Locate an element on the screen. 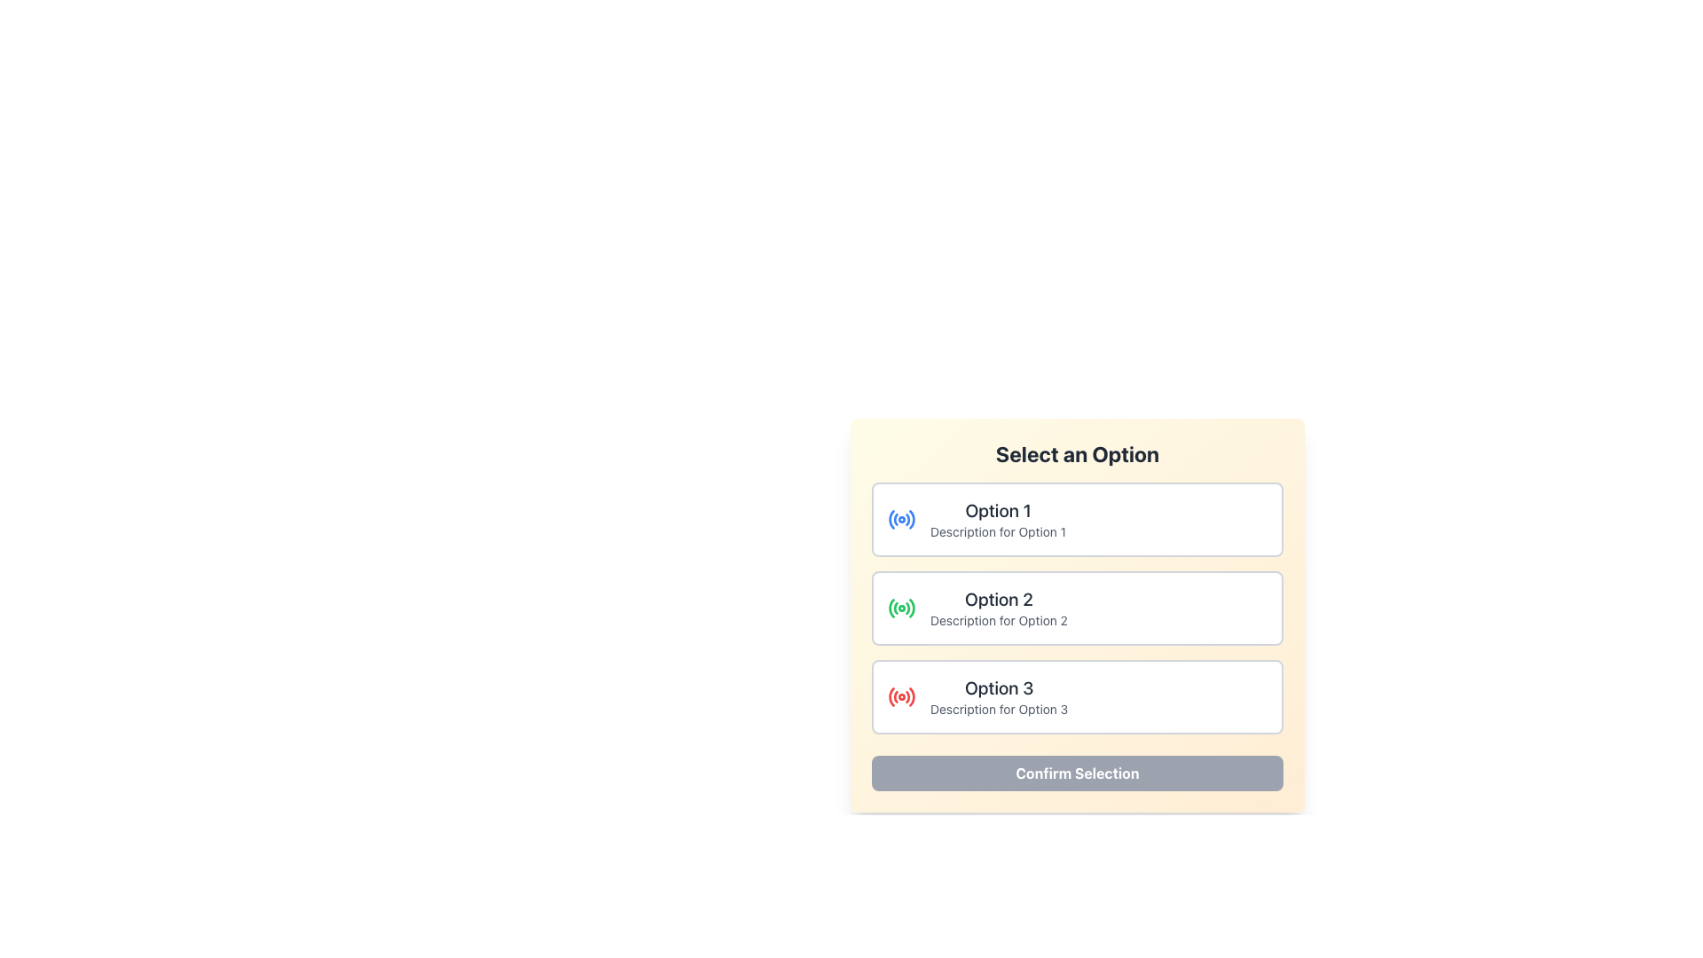  the text block element displaying 'Option 1' and its description 'Description for Option 1', located within the first selectable box under 'Select an Option' is located at coordinates (998, 519).